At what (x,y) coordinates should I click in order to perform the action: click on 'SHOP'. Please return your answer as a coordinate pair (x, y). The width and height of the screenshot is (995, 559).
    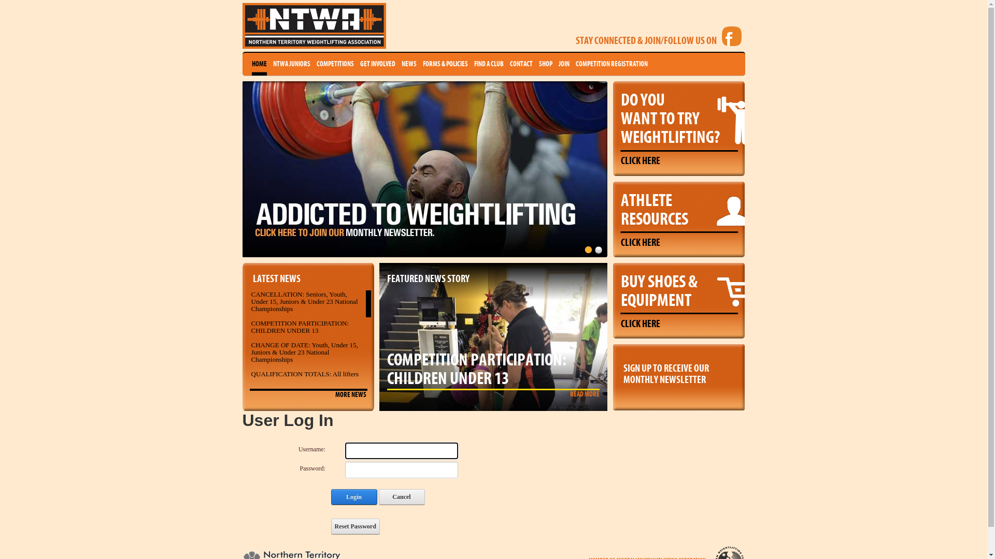
    Looking at the image, I should click on (539, 64).